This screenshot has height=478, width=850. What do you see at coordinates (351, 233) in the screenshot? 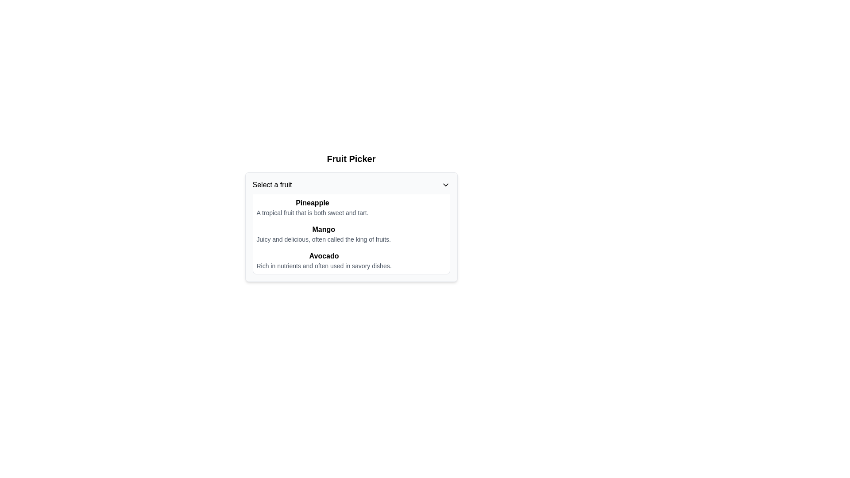
I see `the dropdown list section that displays selectable fruit options, positioned centrally below the 'Select a fruit' label` at bounding box center [351, 233].